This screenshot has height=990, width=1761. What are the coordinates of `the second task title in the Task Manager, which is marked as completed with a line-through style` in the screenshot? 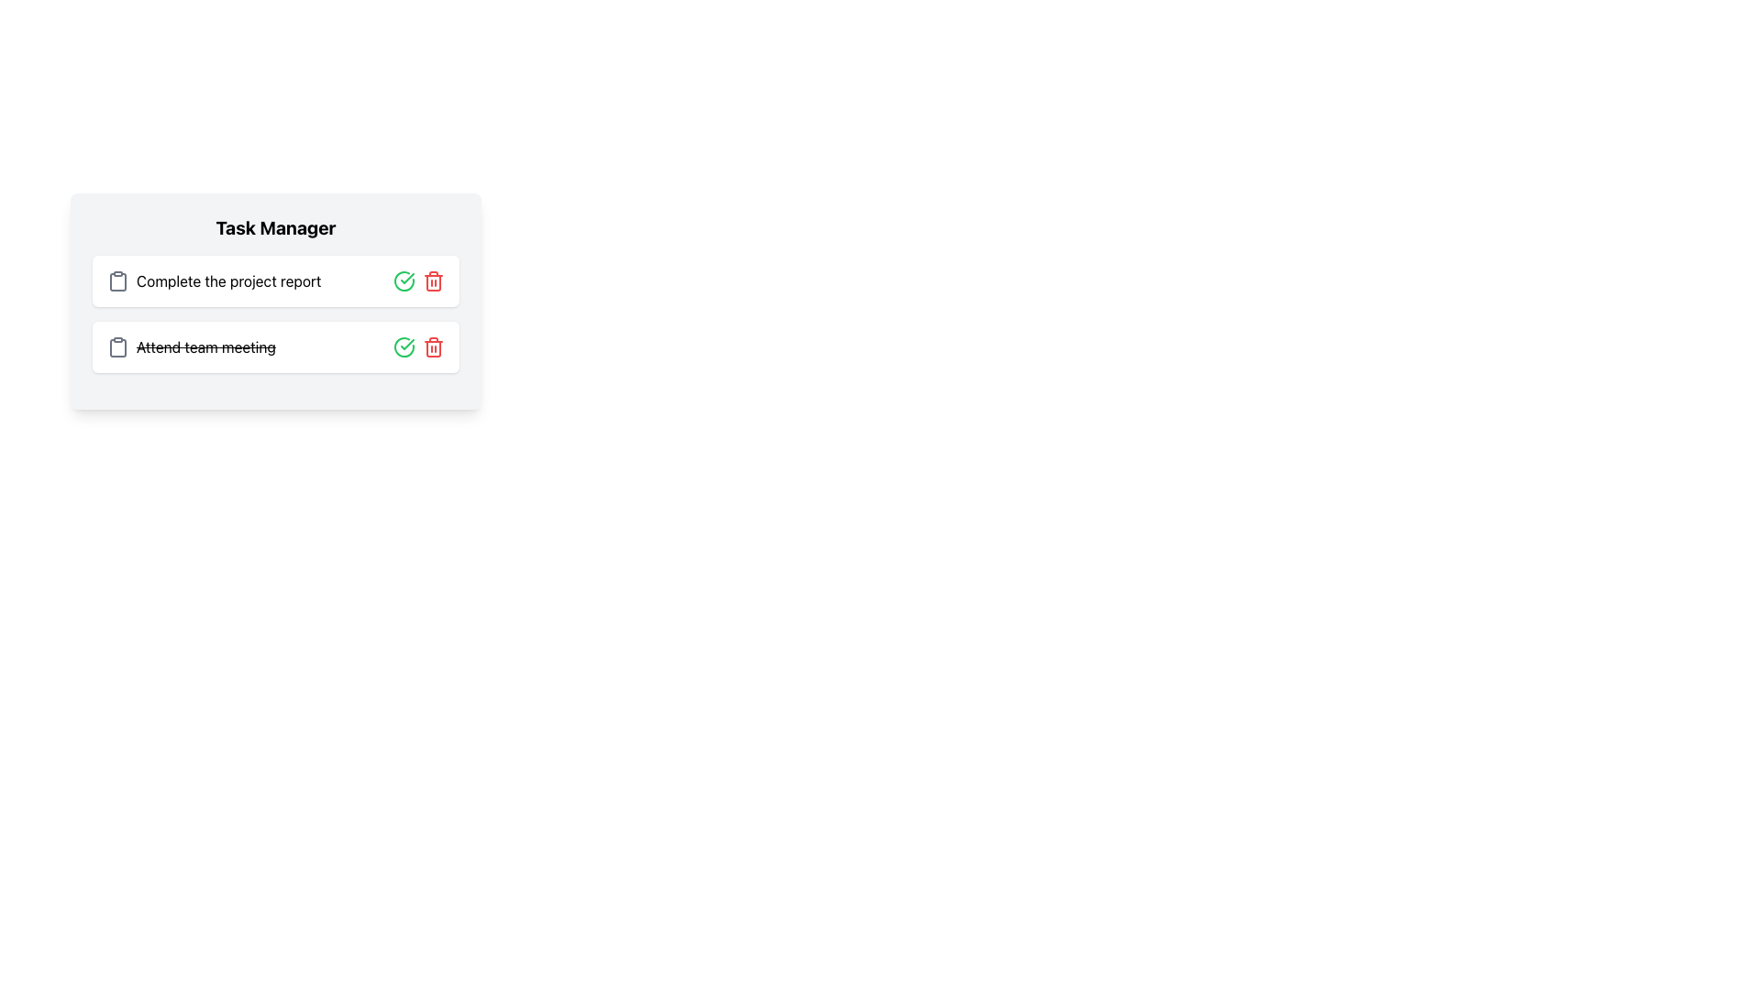 It's located at (205, 346).